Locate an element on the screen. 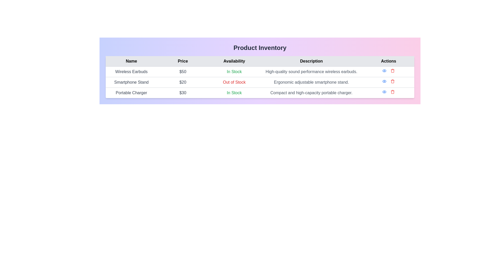  text of the text label displaying '$20' in gray-colored font, located in the second row under the 'Price' column in the table, between 'Smartphone Stand' and 'Out of Stock' is located at coordinates (183, 82).